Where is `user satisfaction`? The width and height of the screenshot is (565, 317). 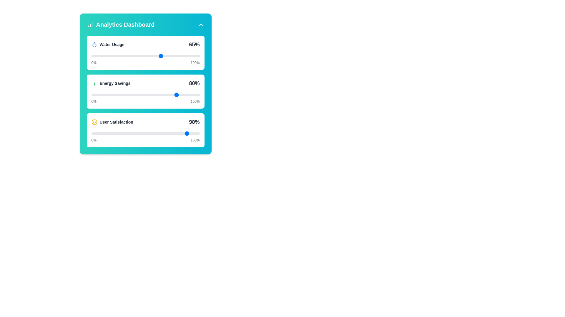 user satisfaction is located at coordinates (177, 134).